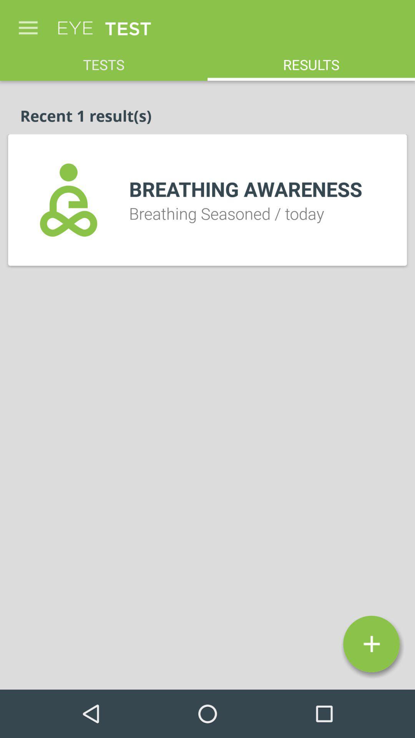  What do you see at coordinates (28, 24) in the screenshot?
I see `icon above tests item` at bounding box center [28, 24].